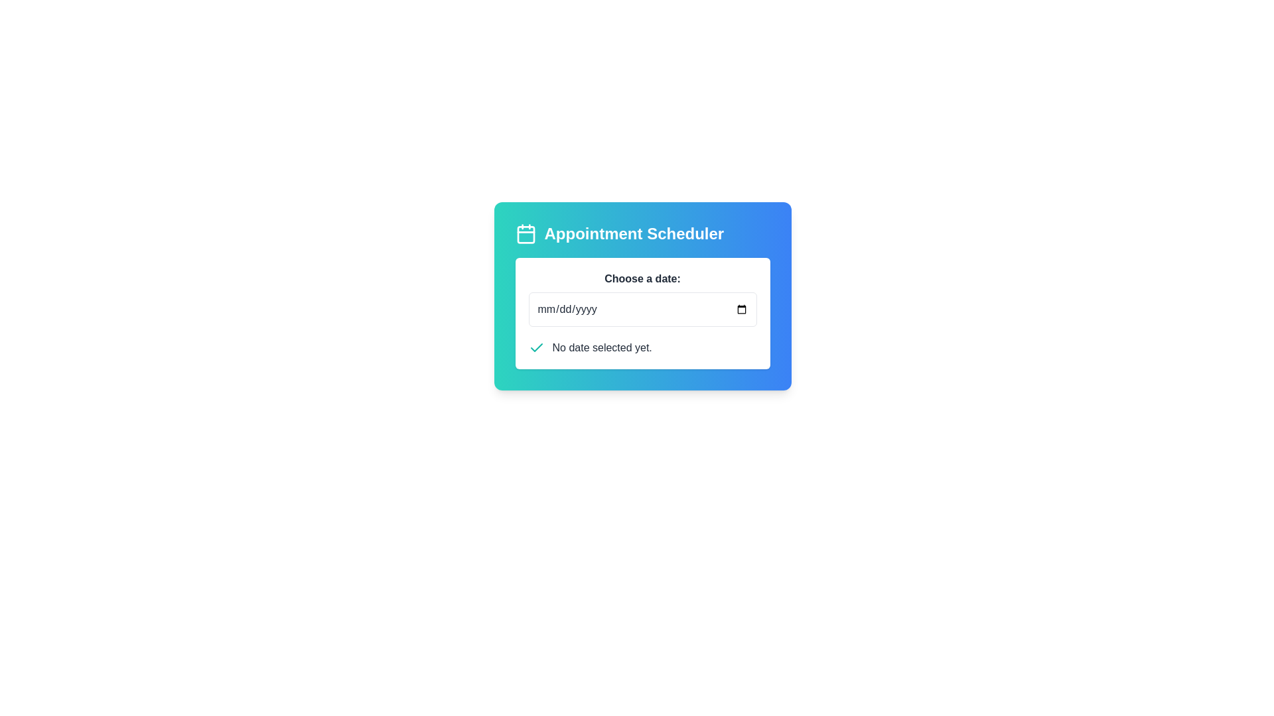 This screenshot has width=1274, height=716. Describe the element at coordinates (525, 233) in the screenshot. I see `the calendar icon located to the left of the 'Appointment Scheduler' header text` at that location.